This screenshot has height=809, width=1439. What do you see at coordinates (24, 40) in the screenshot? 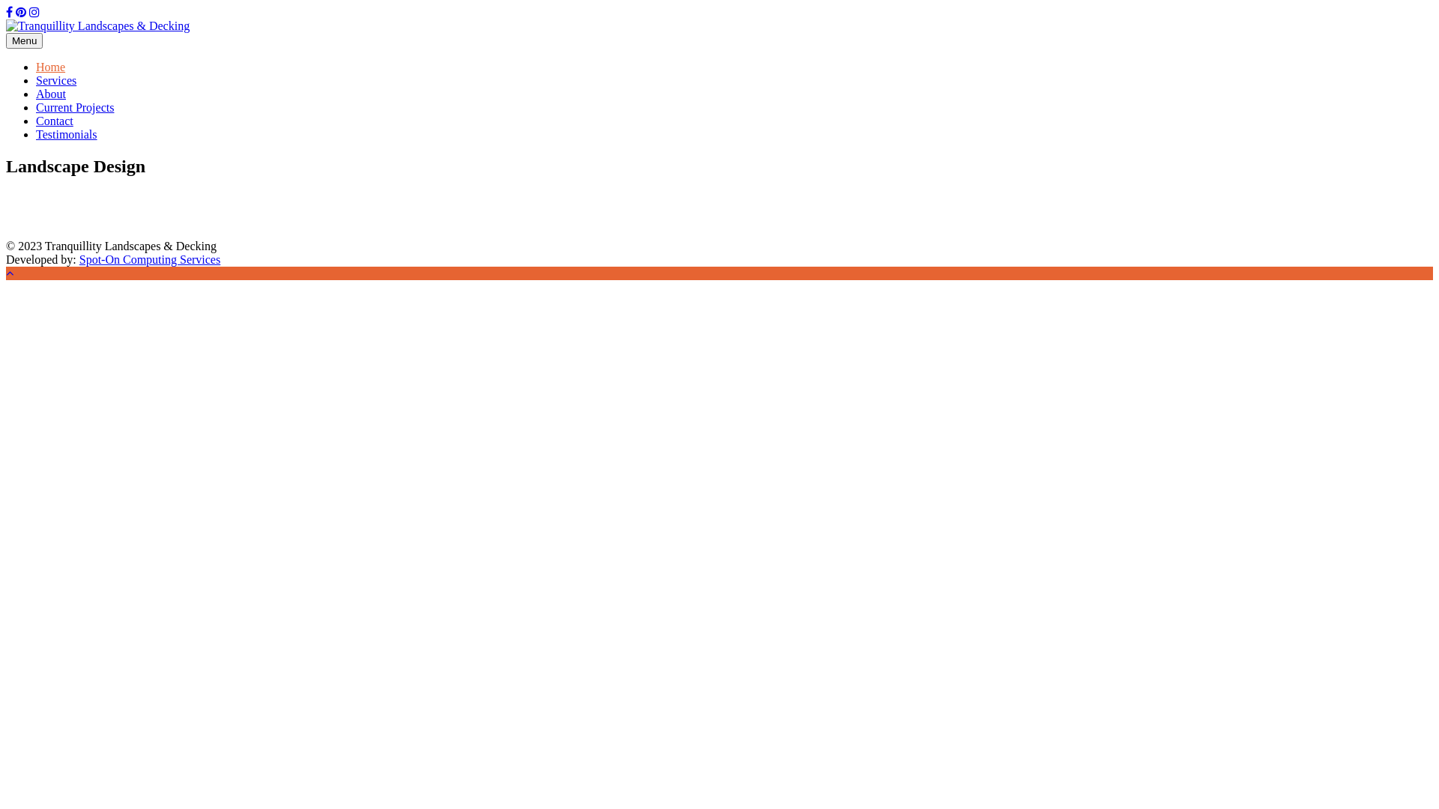
I see `'Menu'` at bounding box center [24, 40].